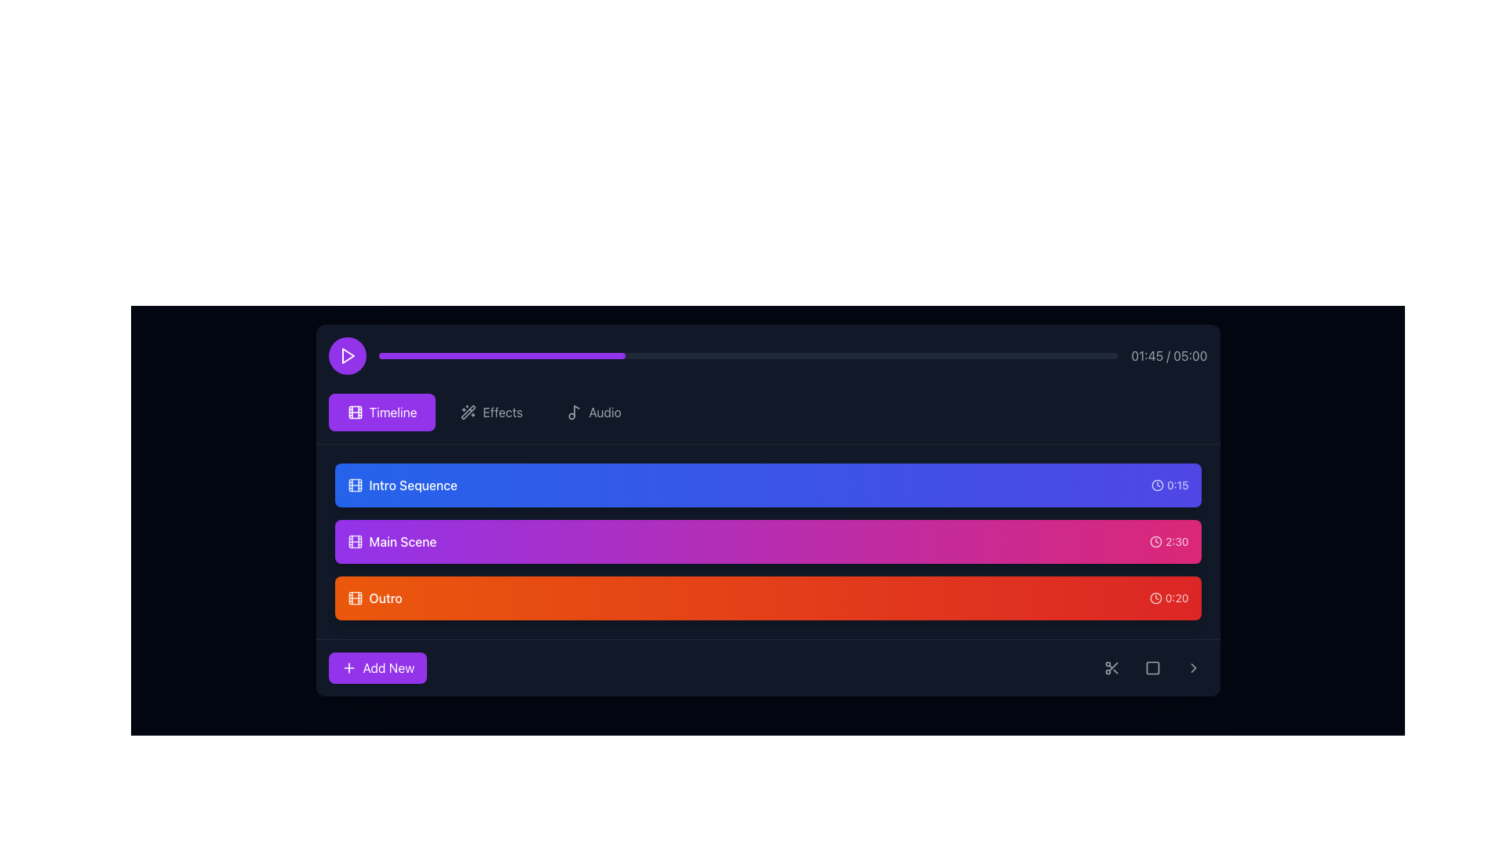 The image size is (1507, 847). Describe the element at coordinates (1177, 484) in the screenshot. I see `the static informational label displaying '0:15', which is located on the far right side of the first row of the timeline, next to a clock icon` at that location.